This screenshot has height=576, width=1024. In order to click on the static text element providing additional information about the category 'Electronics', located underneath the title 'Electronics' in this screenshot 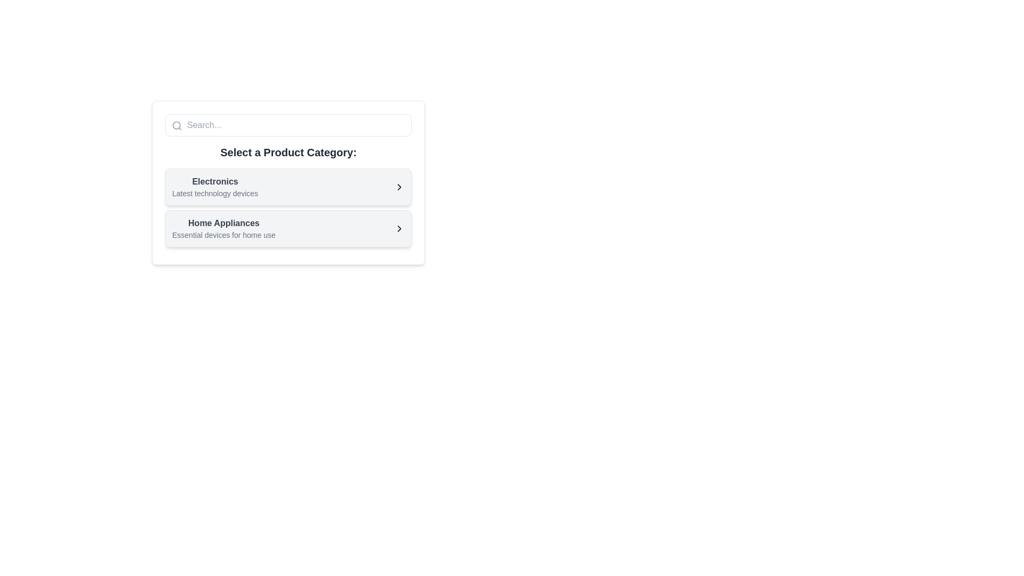, I will do `click(214, 193)`.